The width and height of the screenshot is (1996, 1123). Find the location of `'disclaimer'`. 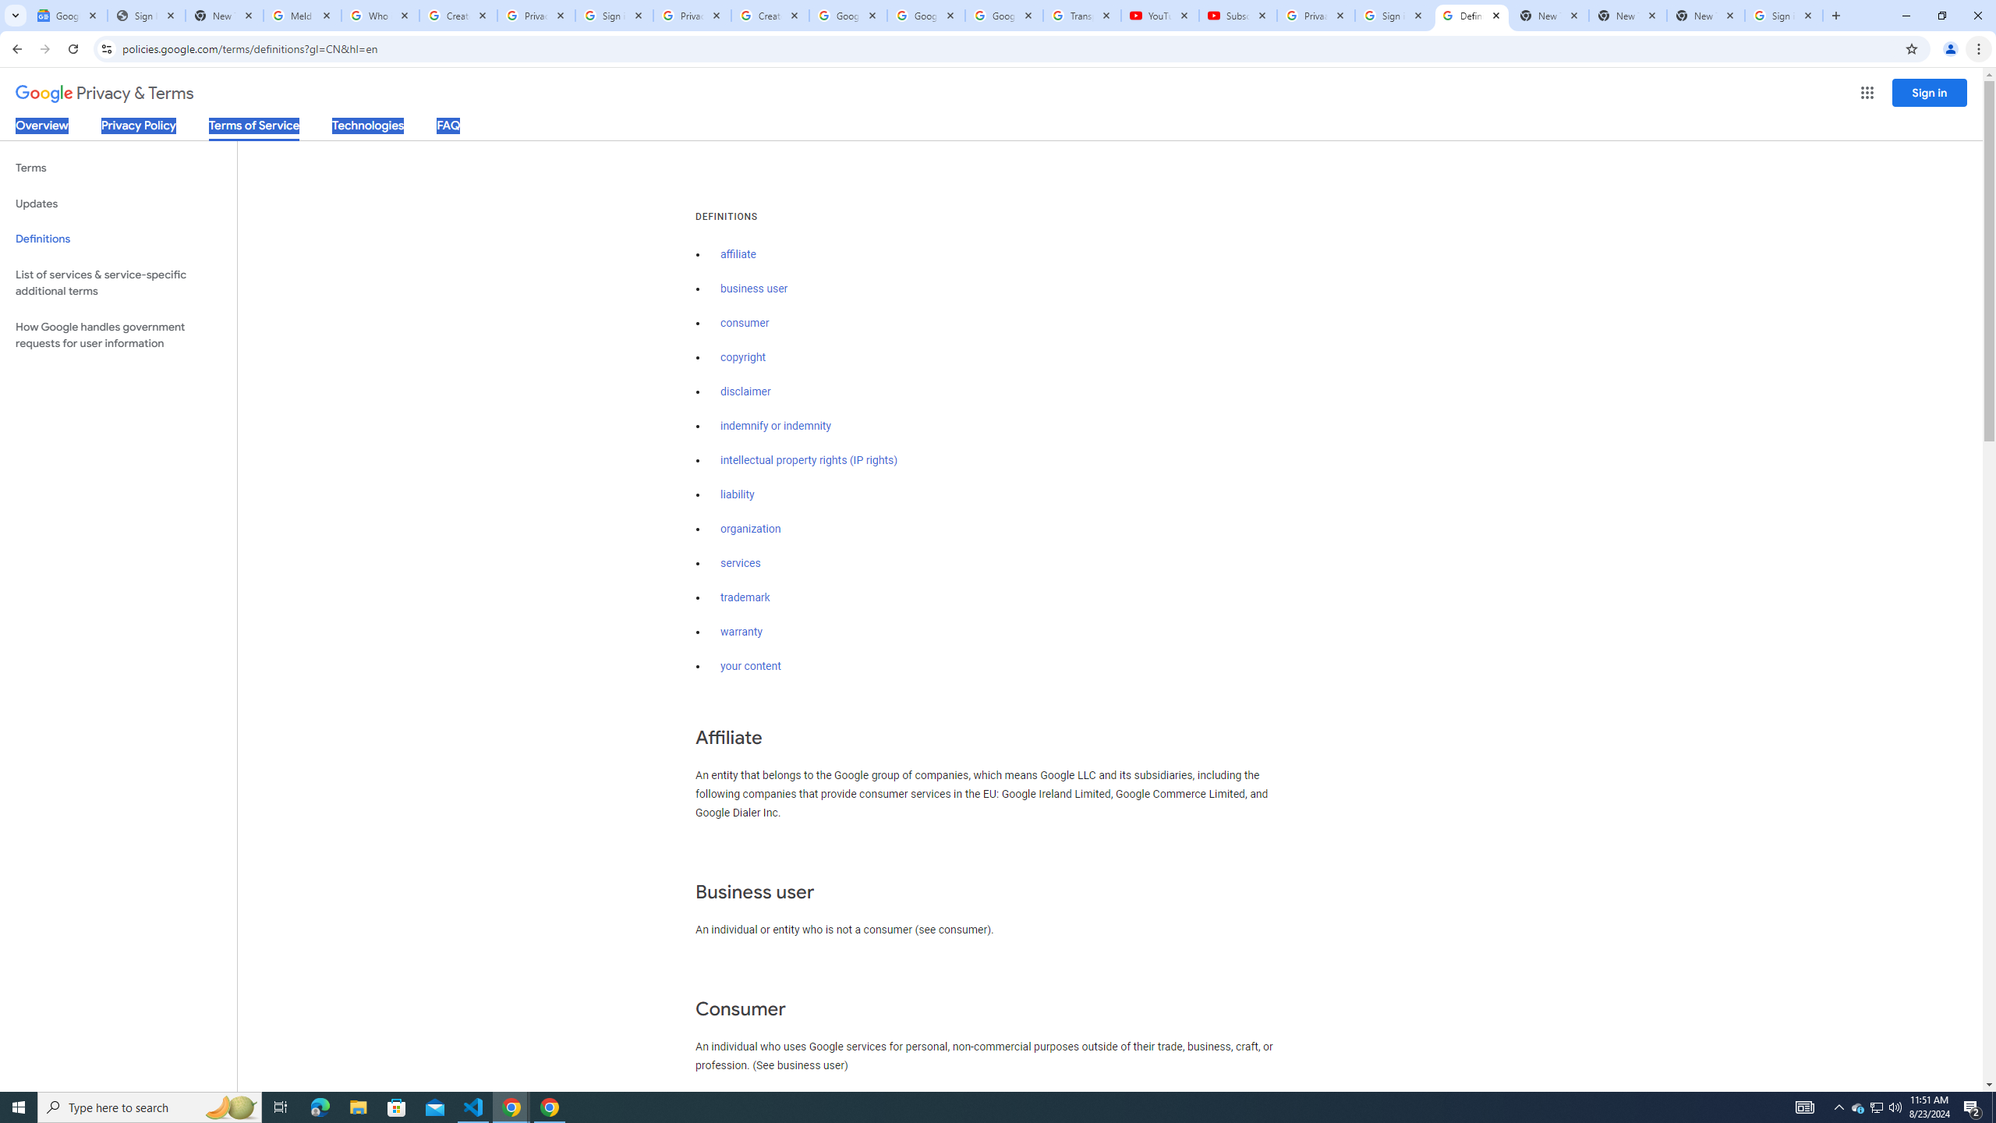

'disclaimer' is located at coordinates (745, 391).